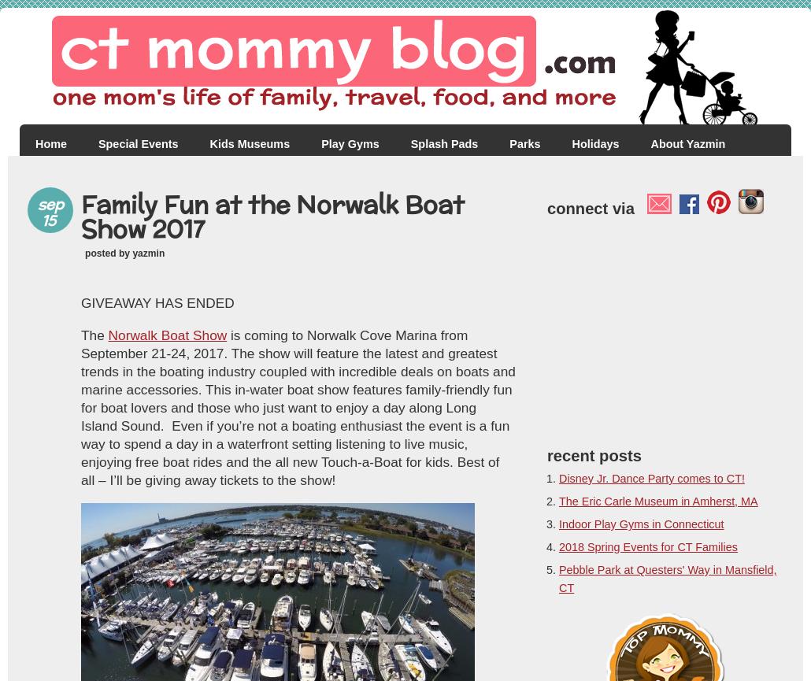 This screenshot has width=811, height=681. Describe the element at coordinates (42, 220) in the screenshot. I see `'15'` at that location.